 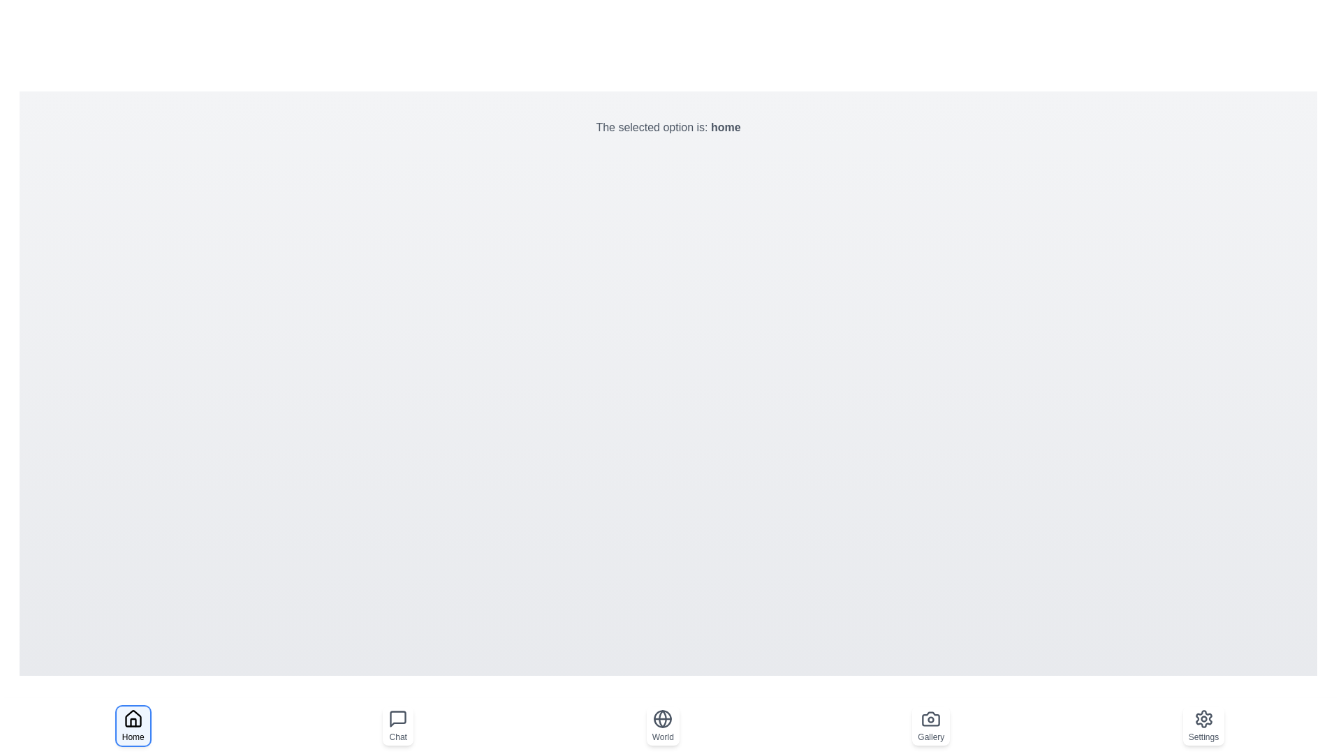 I want to click on the navigation option chat to select it, so click(x=397, y=725).